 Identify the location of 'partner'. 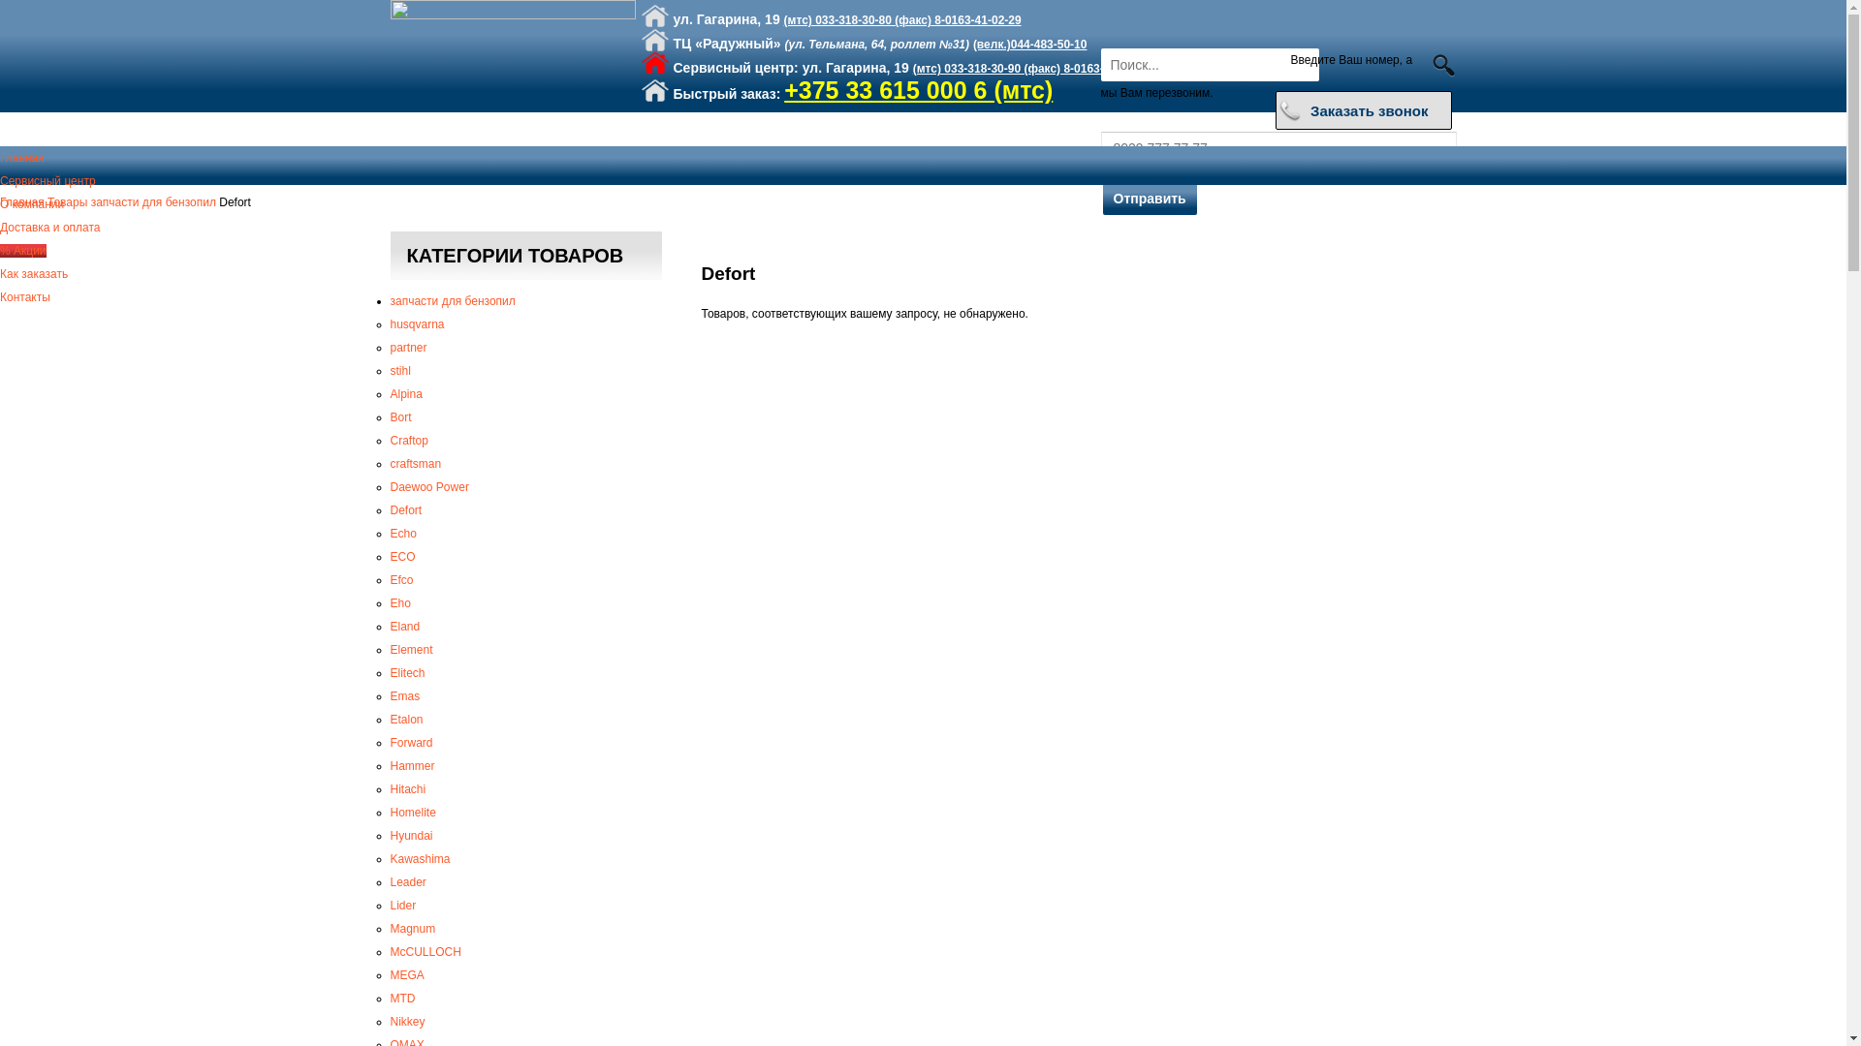
(389, 346).